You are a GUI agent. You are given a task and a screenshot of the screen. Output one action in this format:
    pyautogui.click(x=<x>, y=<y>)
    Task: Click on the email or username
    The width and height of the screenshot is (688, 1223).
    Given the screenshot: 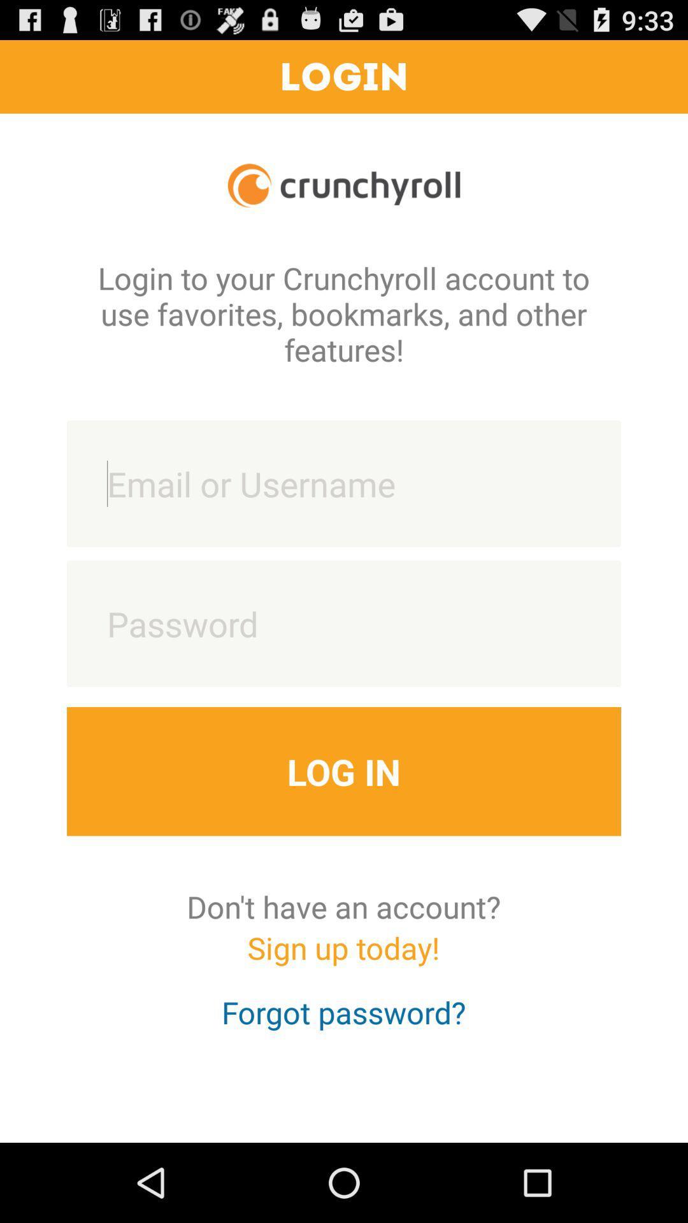 What is the action you would take?
    pyautogui.click(x=344, y=483)
    